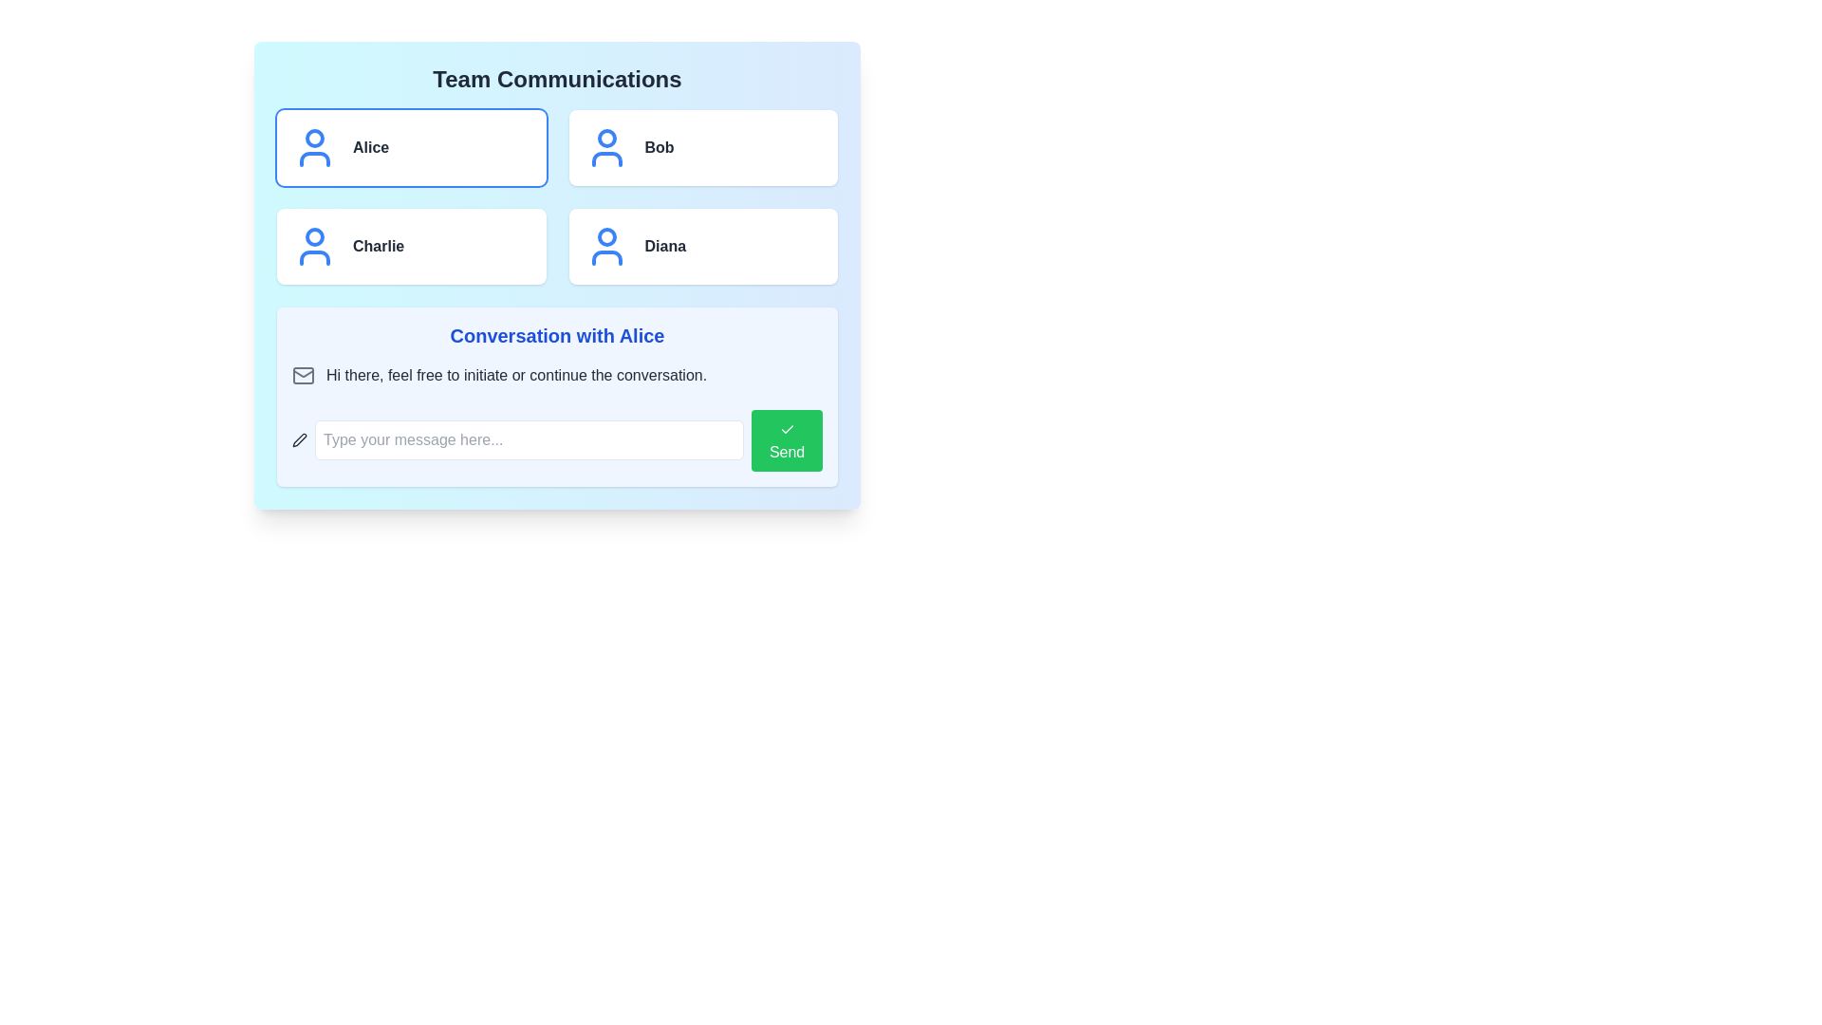 The image size is (1822, 1025). I want to click on the composite information element located below the 'Conversation with Alice' title, so click(556, 376).